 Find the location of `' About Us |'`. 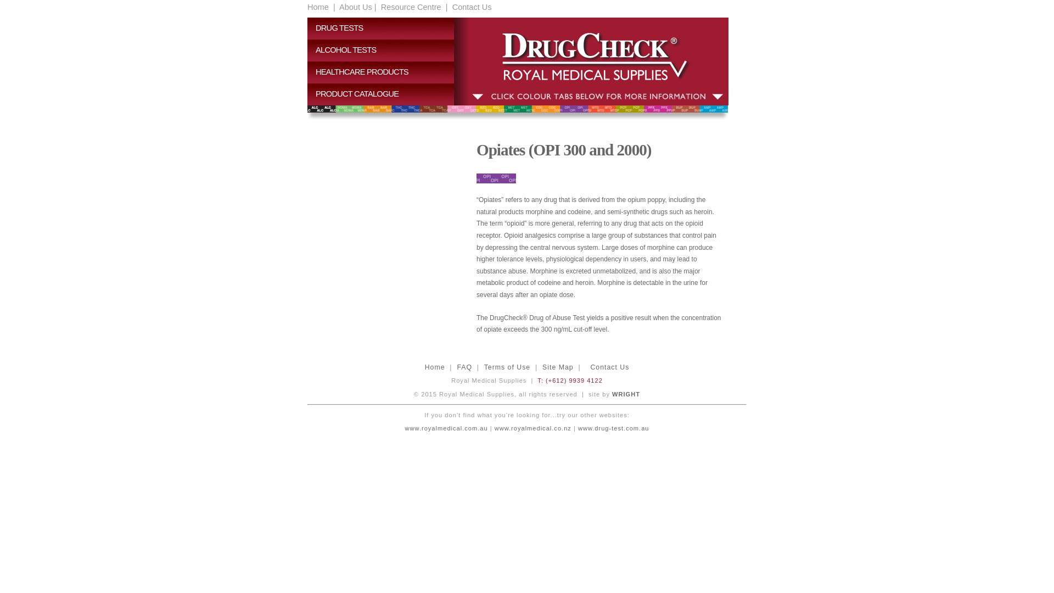

' About Us |' is located at coordinates (357, 7).